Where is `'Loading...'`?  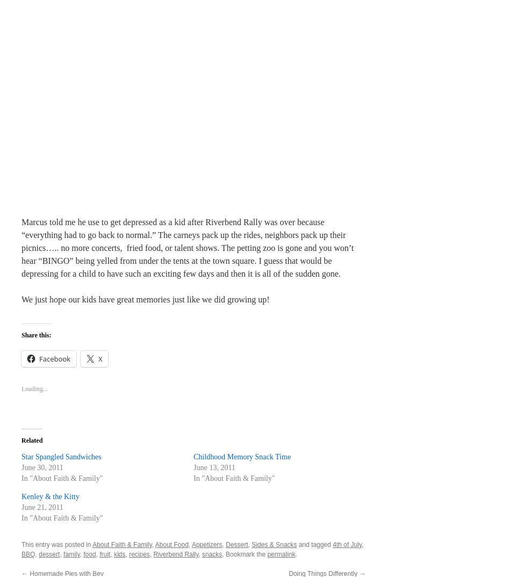 'Loading...' is located at coordinates (34, 388).